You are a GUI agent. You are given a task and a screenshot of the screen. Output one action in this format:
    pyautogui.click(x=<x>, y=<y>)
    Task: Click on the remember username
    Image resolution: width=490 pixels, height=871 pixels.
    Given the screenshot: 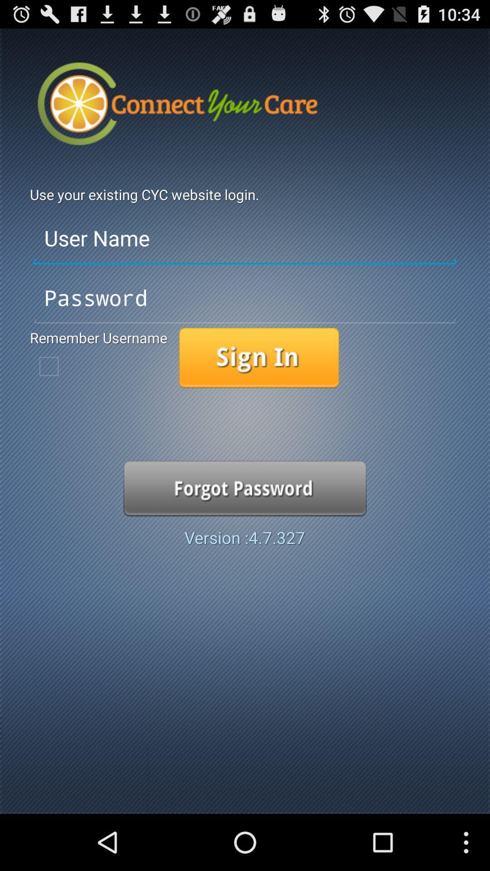 What is the action you would take?
    pyautogui.click(x=49, y=366)
    